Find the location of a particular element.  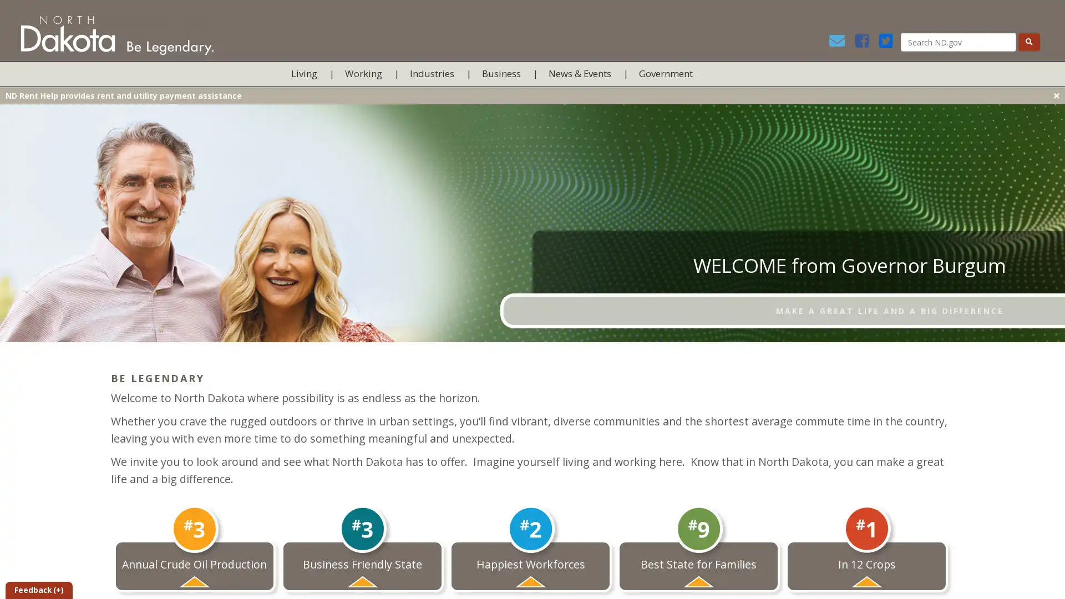

Follow Us on Facebook is located at coordinates (865, 43).